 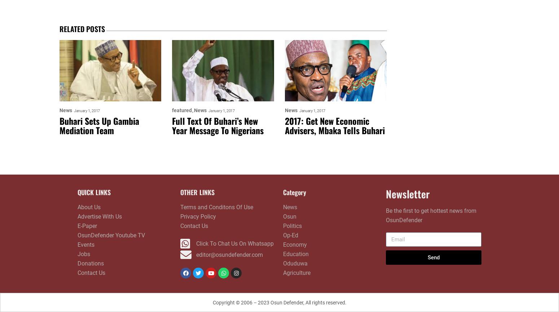 What do you see at coordinates (59, 125) in the screenshot?
I see `'Buhari Sets Up Gambia Mediation Team'` at bounding box center [59, 125].